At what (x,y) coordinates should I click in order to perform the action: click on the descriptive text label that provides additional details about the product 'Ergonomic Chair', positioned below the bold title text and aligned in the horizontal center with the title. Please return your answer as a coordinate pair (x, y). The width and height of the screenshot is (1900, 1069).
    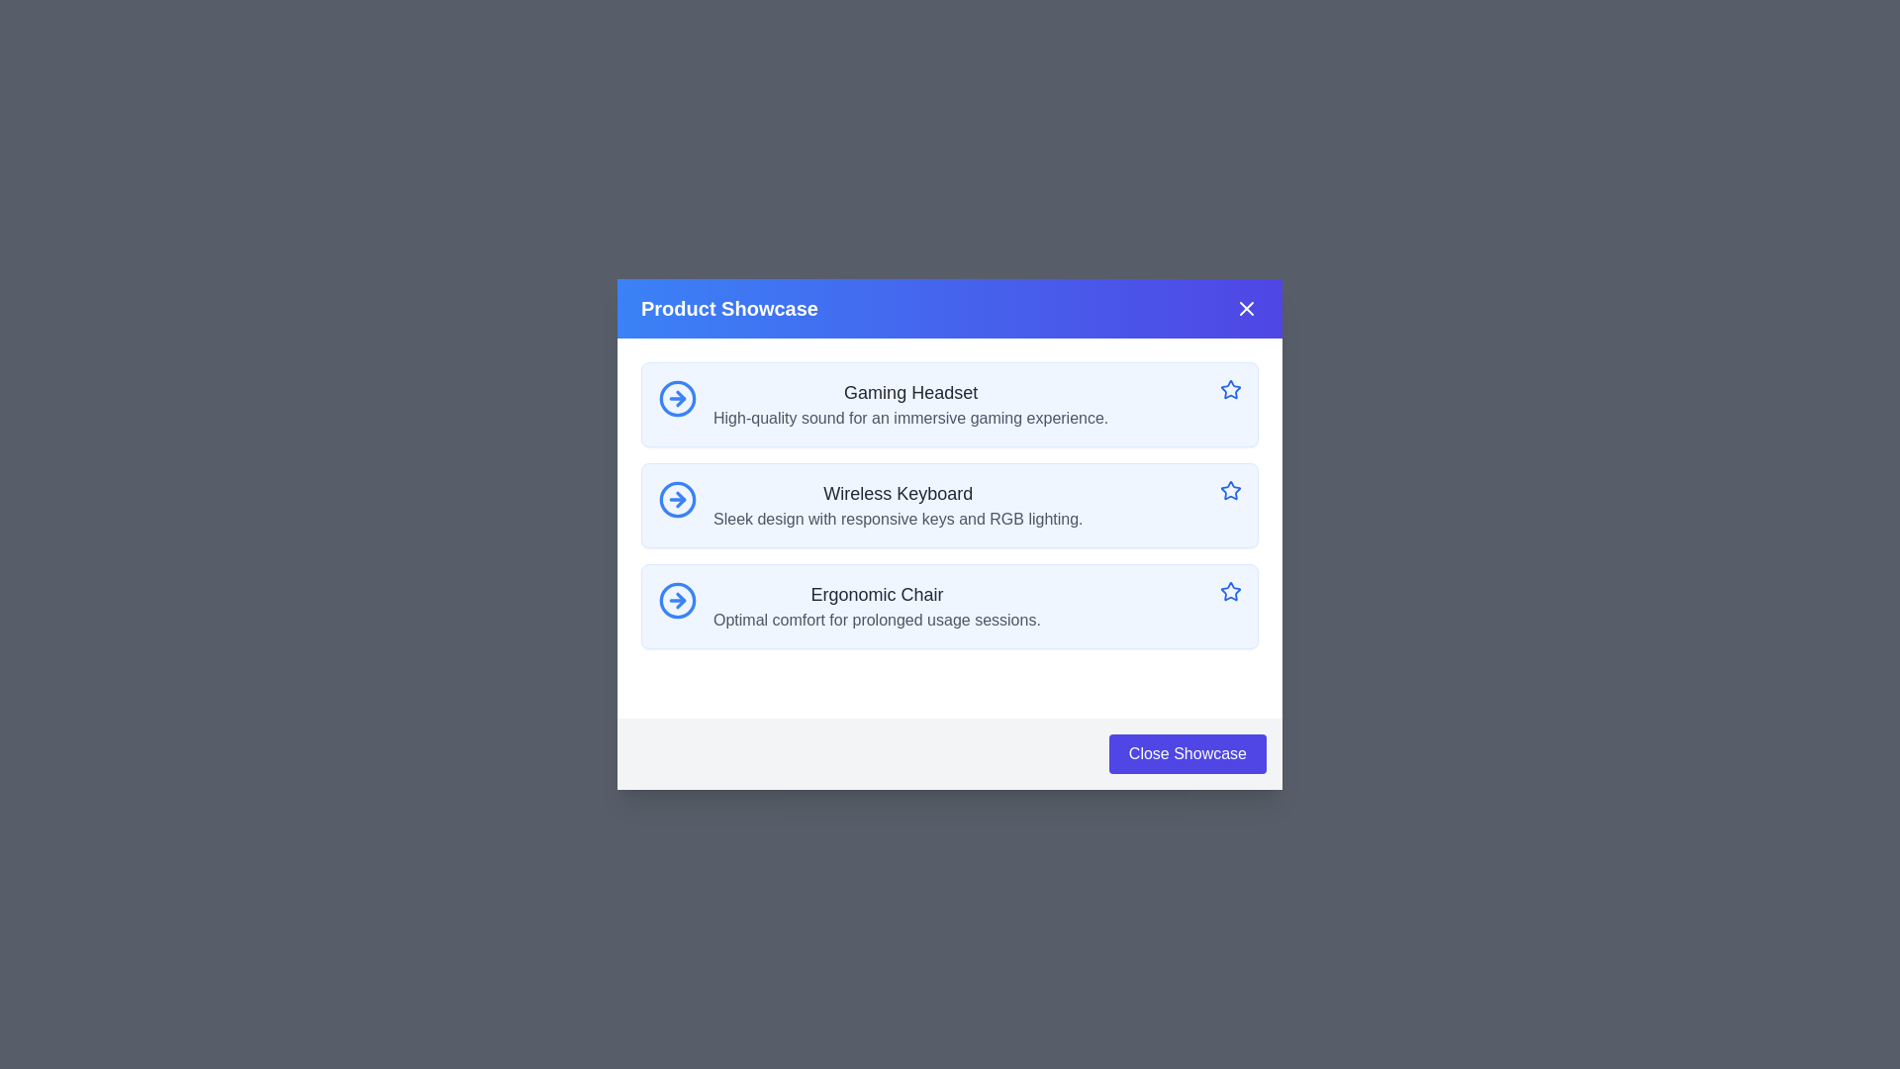
    Looking at the image, I should click on (876, 620).